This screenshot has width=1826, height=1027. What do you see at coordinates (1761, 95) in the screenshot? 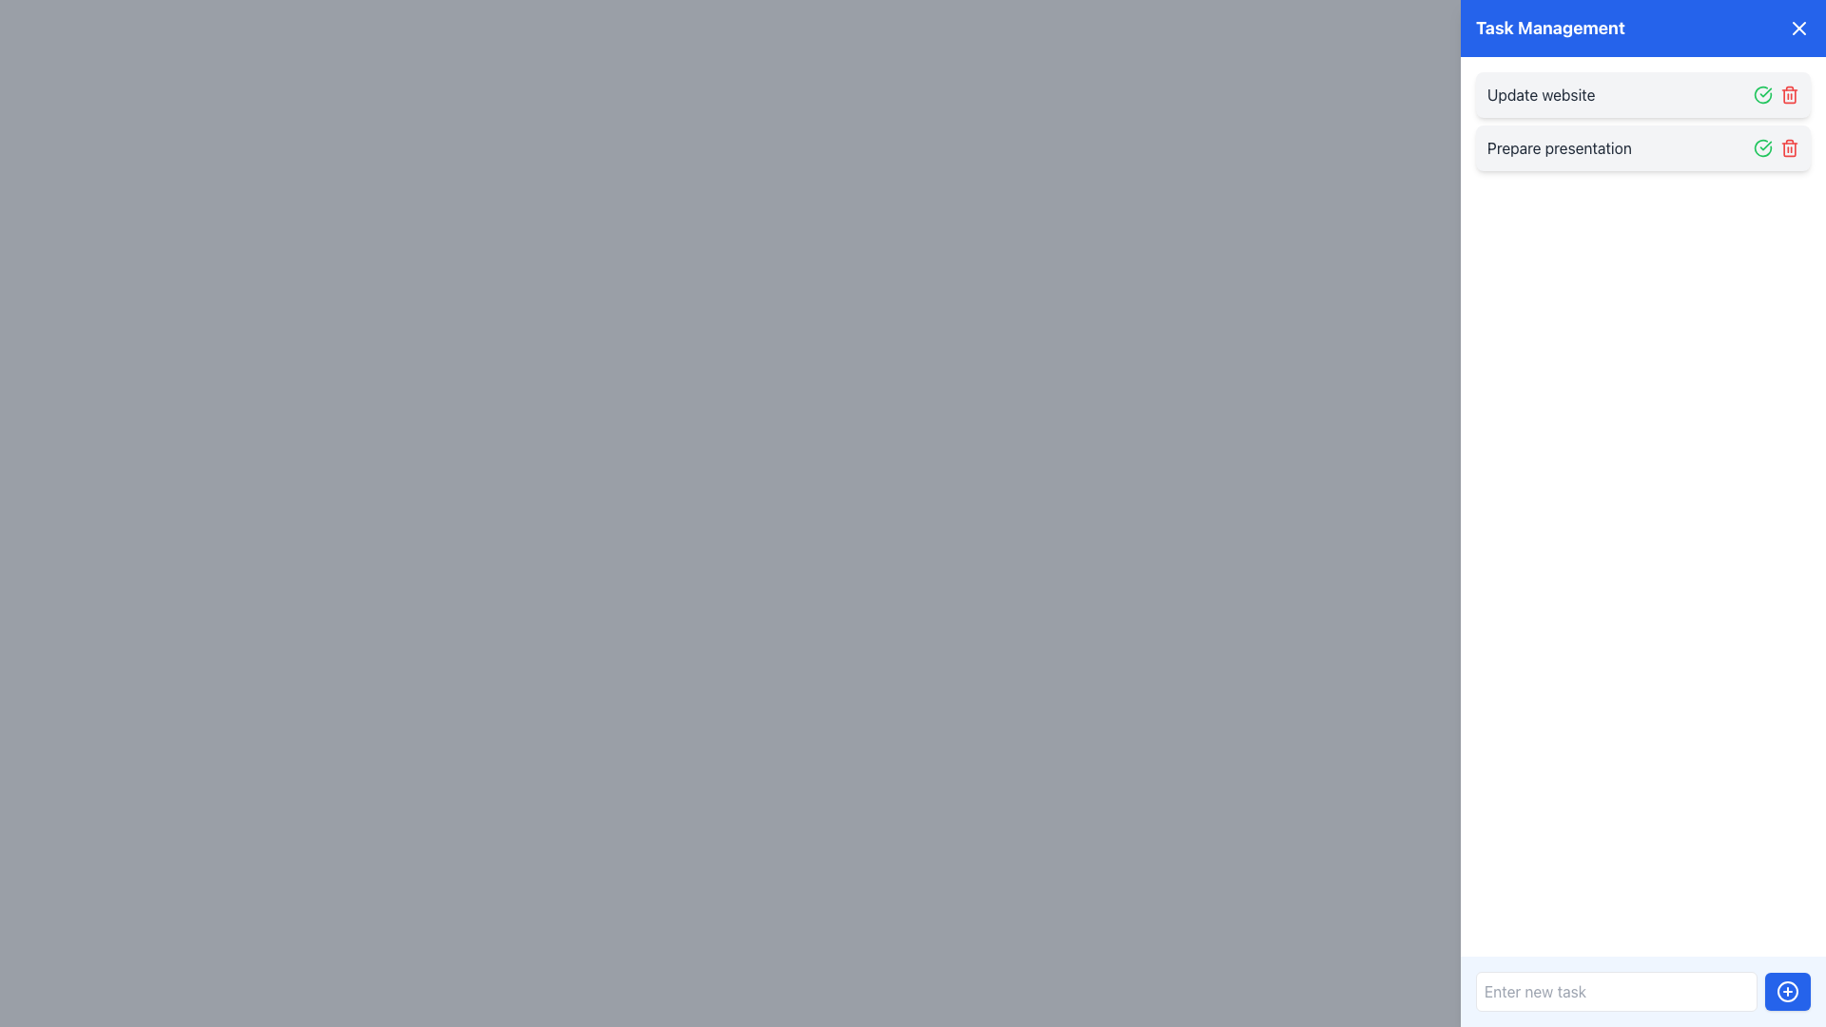
I see `the circular green outlined icon with a checkmark, located adjacent to the 'Prepare presentation' text` at bounding box center [1761, 95].